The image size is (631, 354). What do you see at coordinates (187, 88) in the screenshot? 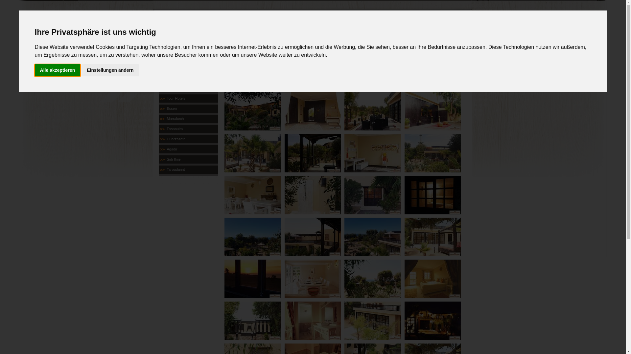
I see `'TIGERLOUNGE CLUB'` at bounding box center [187, 88].